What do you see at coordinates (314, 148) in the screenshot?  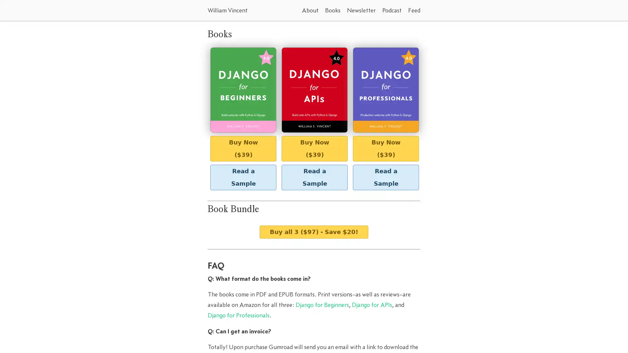 I see `Buy Now ($39)` at bounding box center [314, 148].